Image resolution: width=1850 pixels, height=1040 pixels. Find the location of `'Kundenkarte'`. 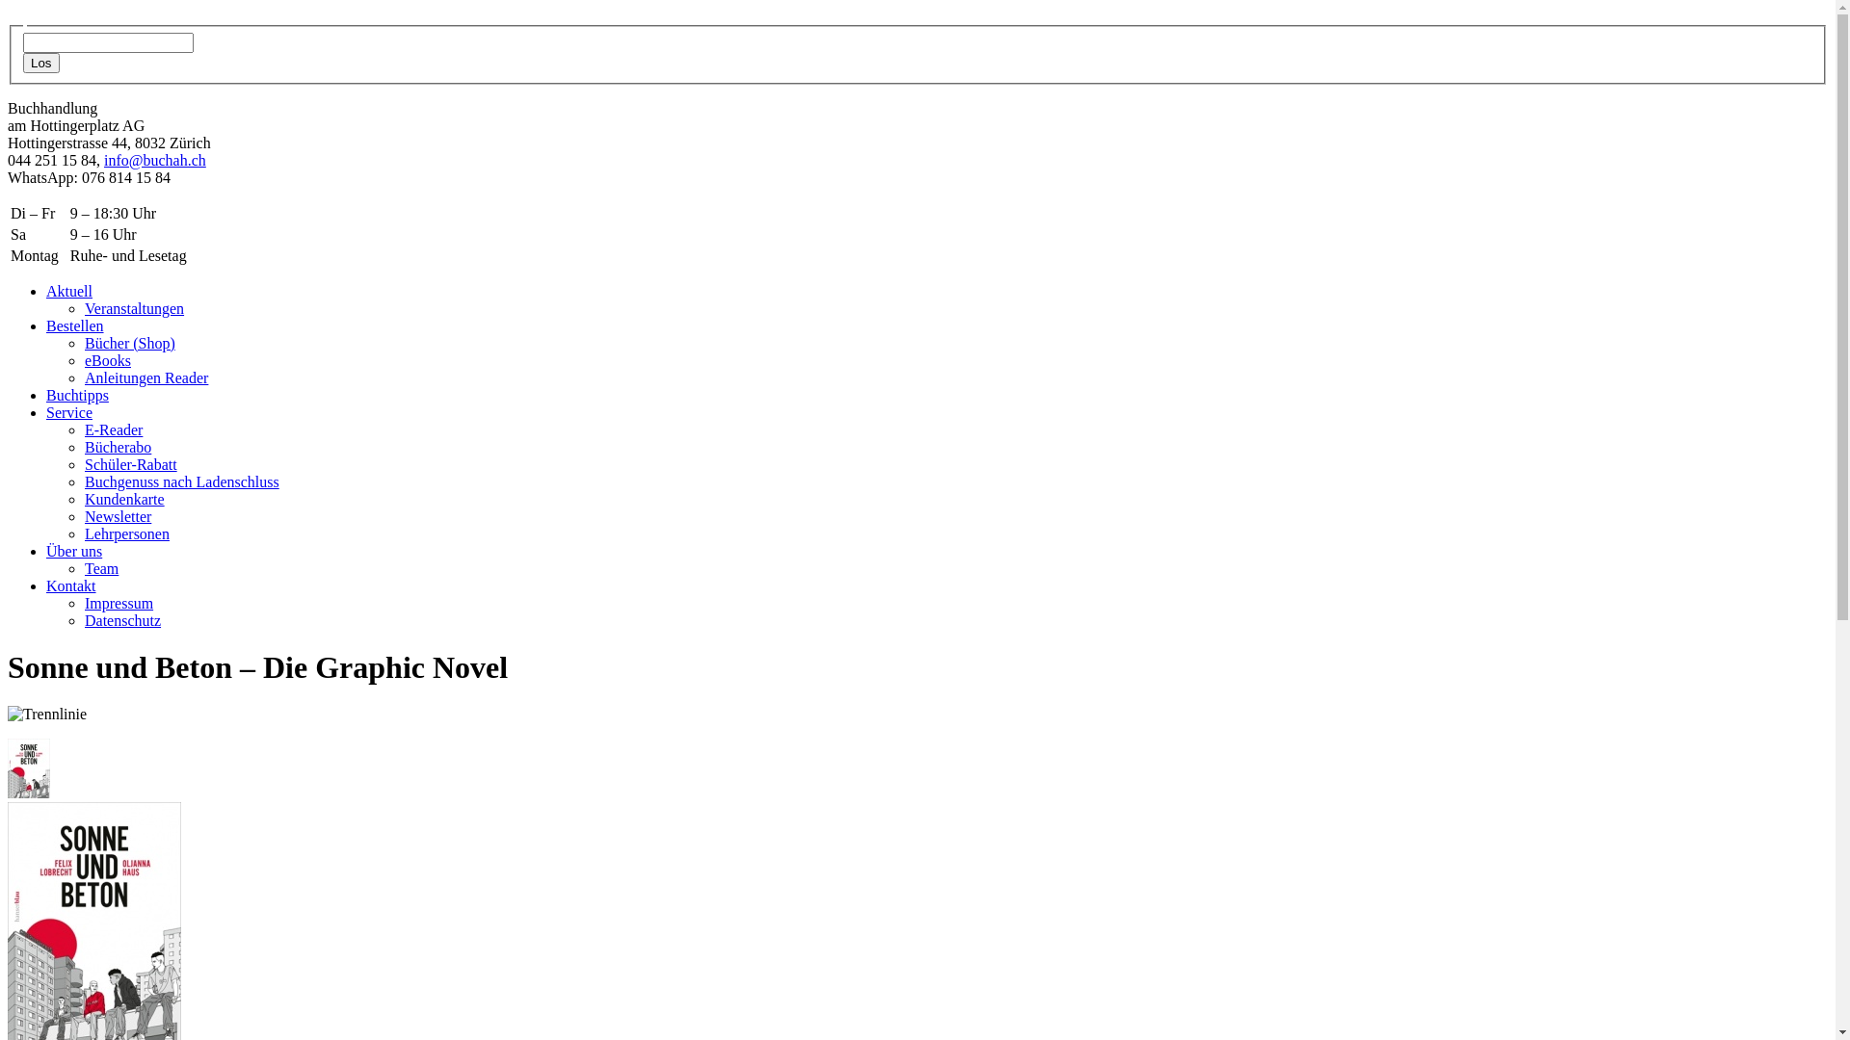

'Kundenkarte' is located at coordinates (123, 498).